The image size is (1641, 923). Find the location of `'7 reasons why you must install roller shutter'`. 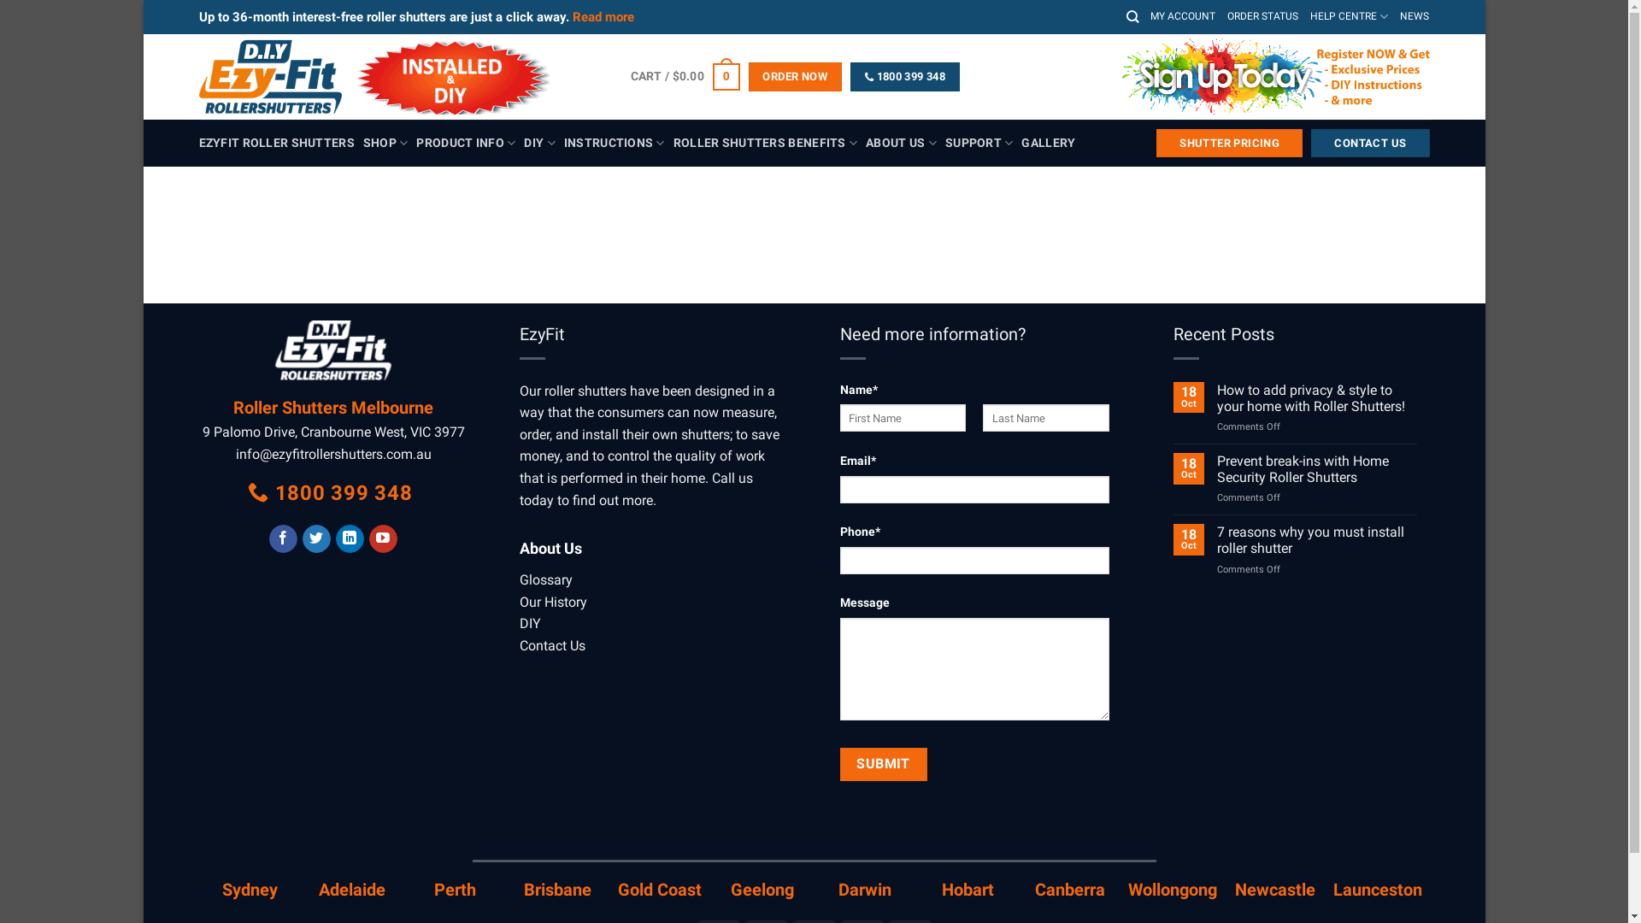

'7 reasons why you must install roller shutter' is located at coordinates (1315, 540).